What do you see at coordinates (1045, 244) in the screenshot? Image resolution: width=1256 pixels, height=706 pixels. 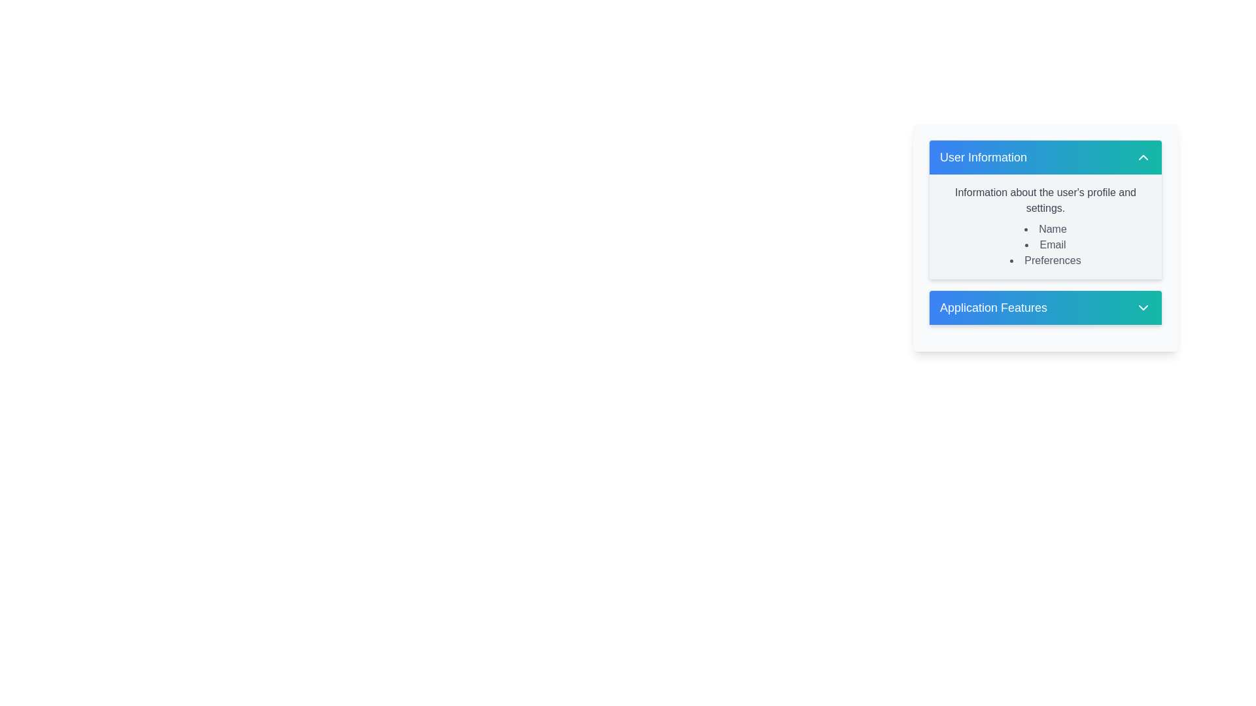 I see `the List component located in the 'User Information' section that provides options for user profile details such as 'Name', 'Email', and 'Preferences'` at bounding box center [1045, 244].